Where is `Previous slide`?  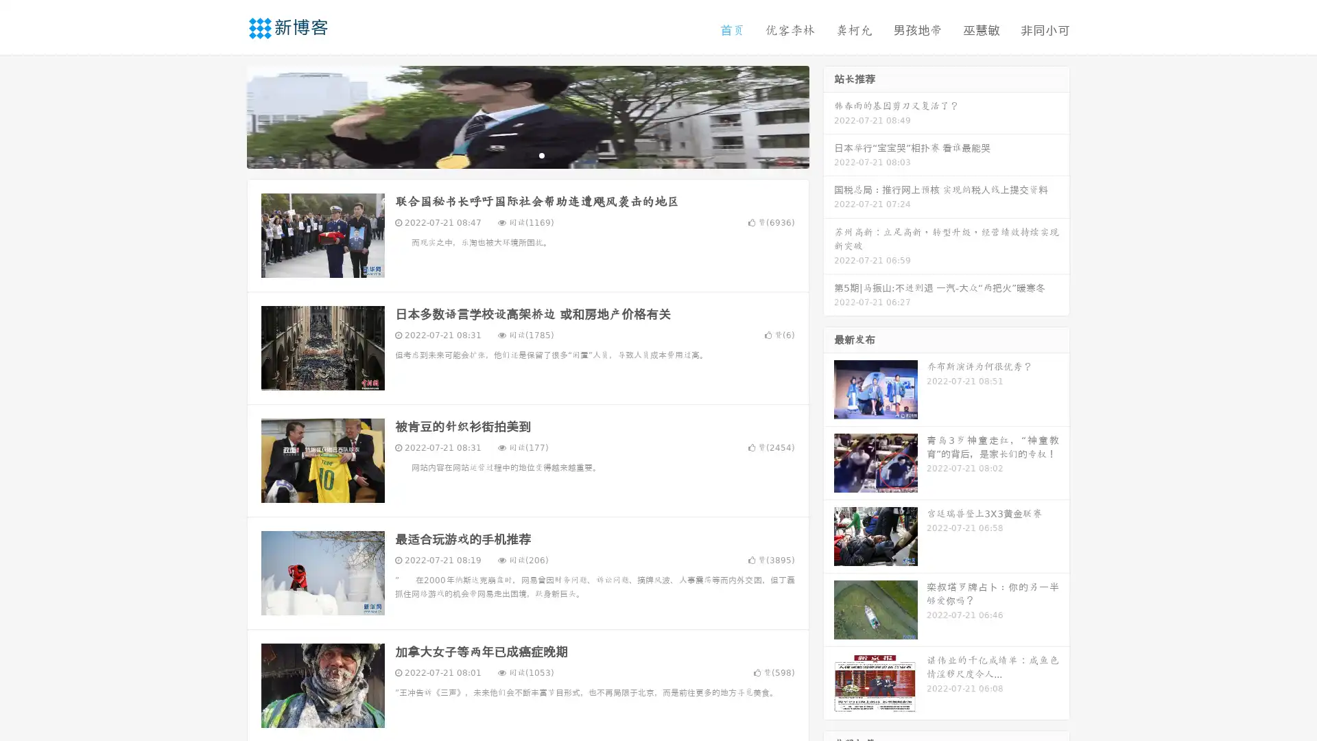
Previous slide is located at coordinates (226, 115).